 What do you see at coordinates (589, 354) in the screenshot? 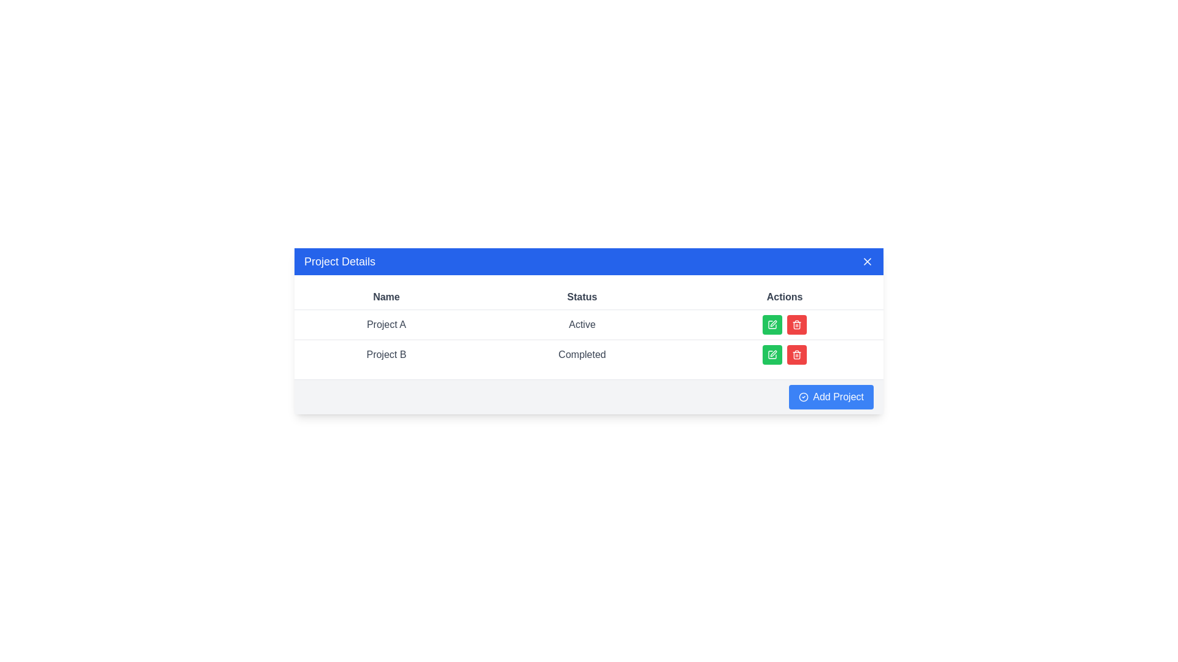
I see `the text label pair indicating the project name 'Project B' and its status 'Completed', located in the second row of the data table` at bounding box center [589, 354].